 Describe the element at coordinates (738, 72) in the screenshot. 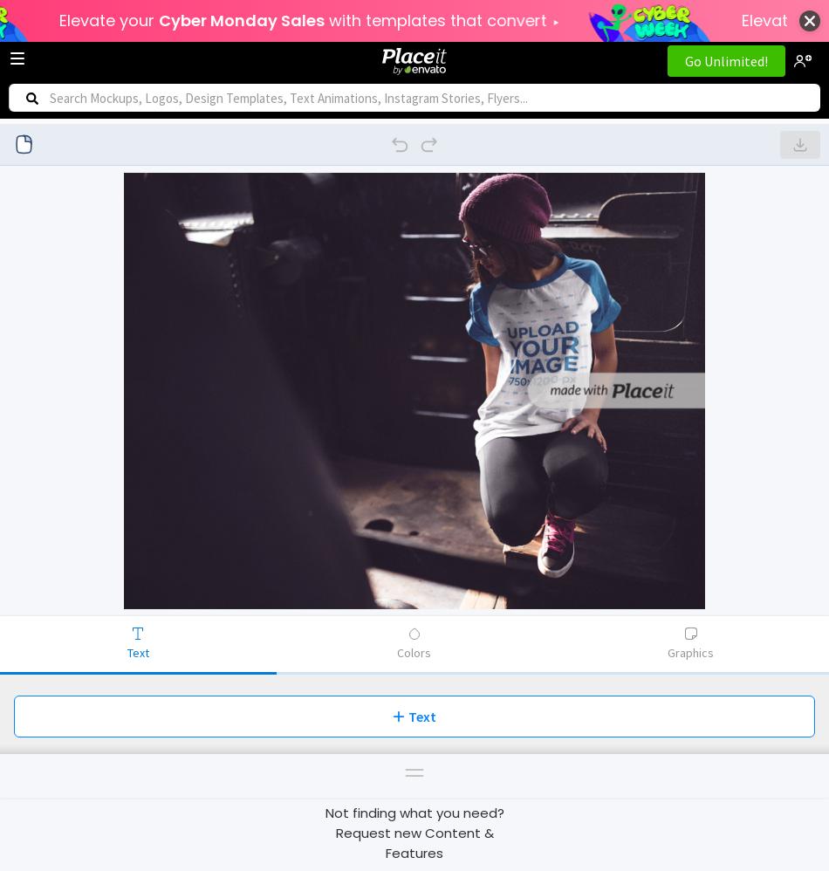

I see `'Videos'` at that location.